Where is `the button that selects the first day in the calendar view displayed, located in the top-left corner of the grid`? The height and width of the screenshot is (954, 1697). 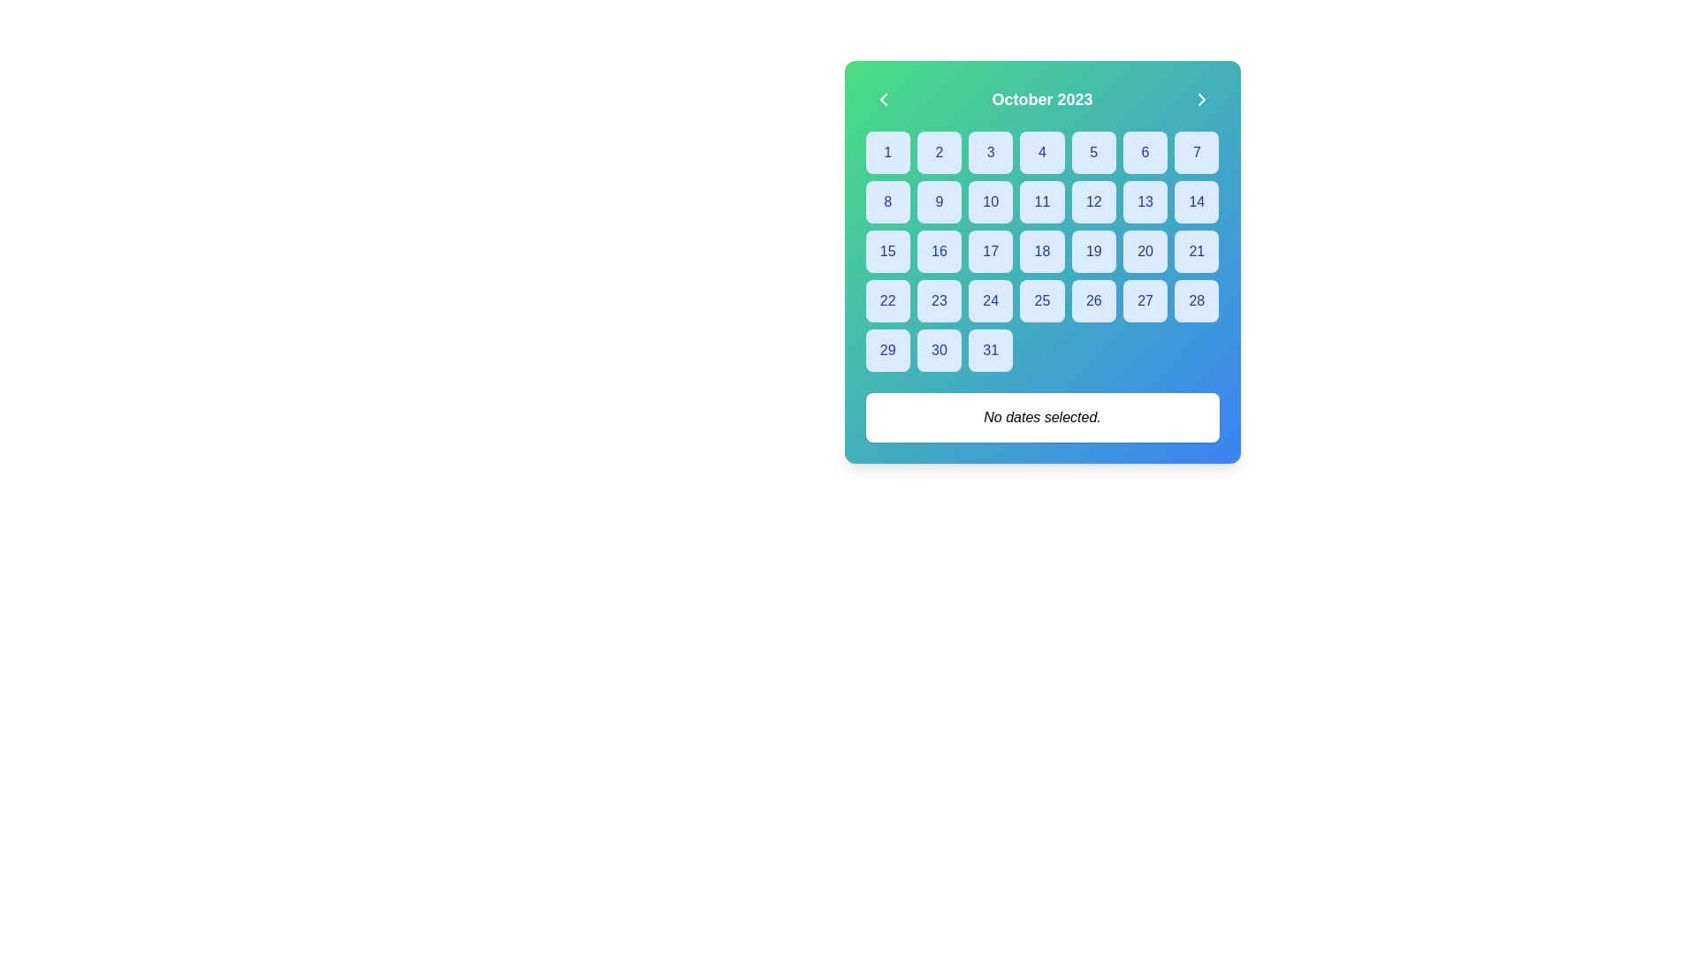
the button that selects the first day in the calendar view displayed, located in the top-left corner of the grid is located at coordinates (887, 152).